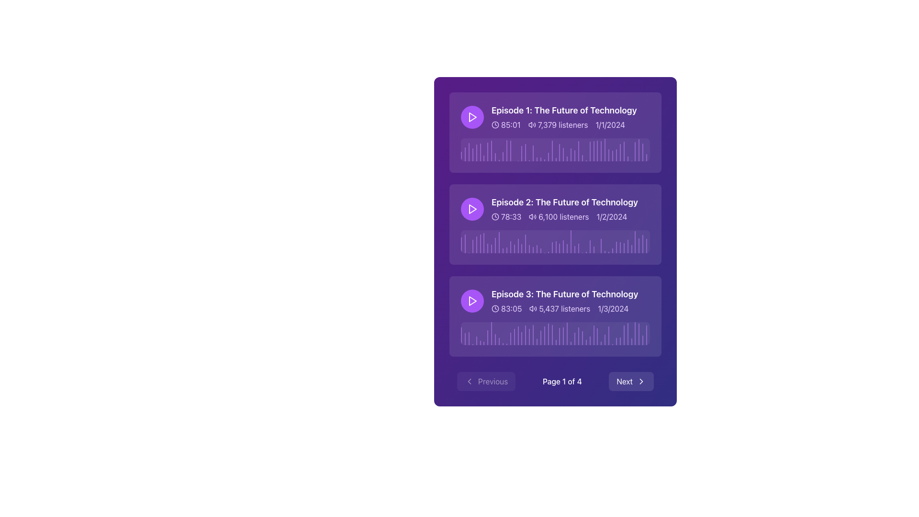  Describe the element at coordinates (567, 158) in the screenshot. I see `the thin vertical purple-tinted line indicator located at the center of the waveform visualization for Episode 1` at that location.